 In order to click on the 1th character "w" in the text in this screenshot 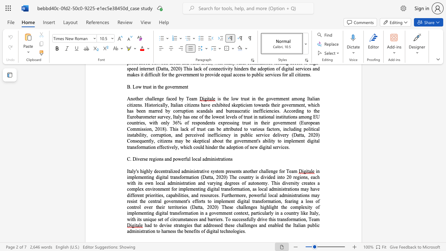, I will do `click(179, 159)`.